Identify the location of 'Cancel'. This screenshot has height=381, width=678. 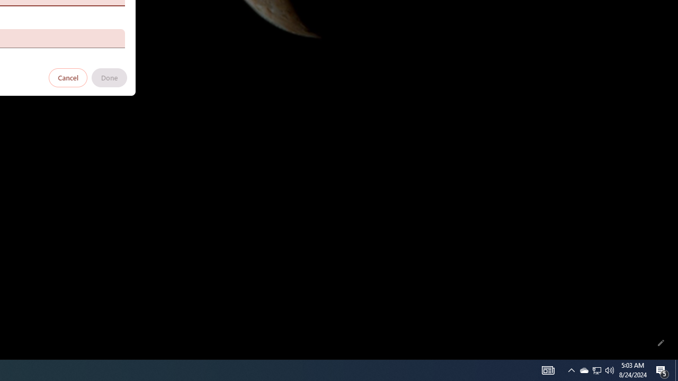
(68, 77).